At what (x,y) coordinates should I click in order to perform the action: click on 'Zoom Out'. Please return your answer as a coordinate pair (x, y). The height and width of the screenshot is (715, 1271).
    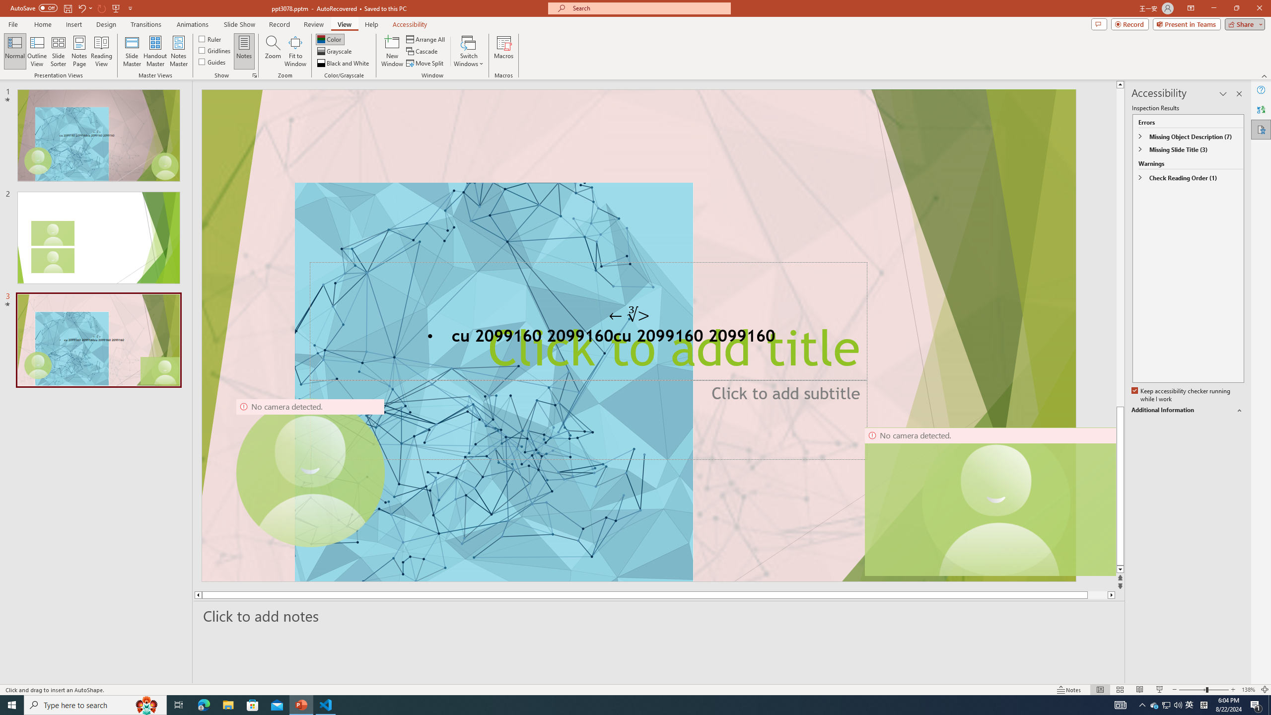
    Looking at the image, I should click on (1192, 690).